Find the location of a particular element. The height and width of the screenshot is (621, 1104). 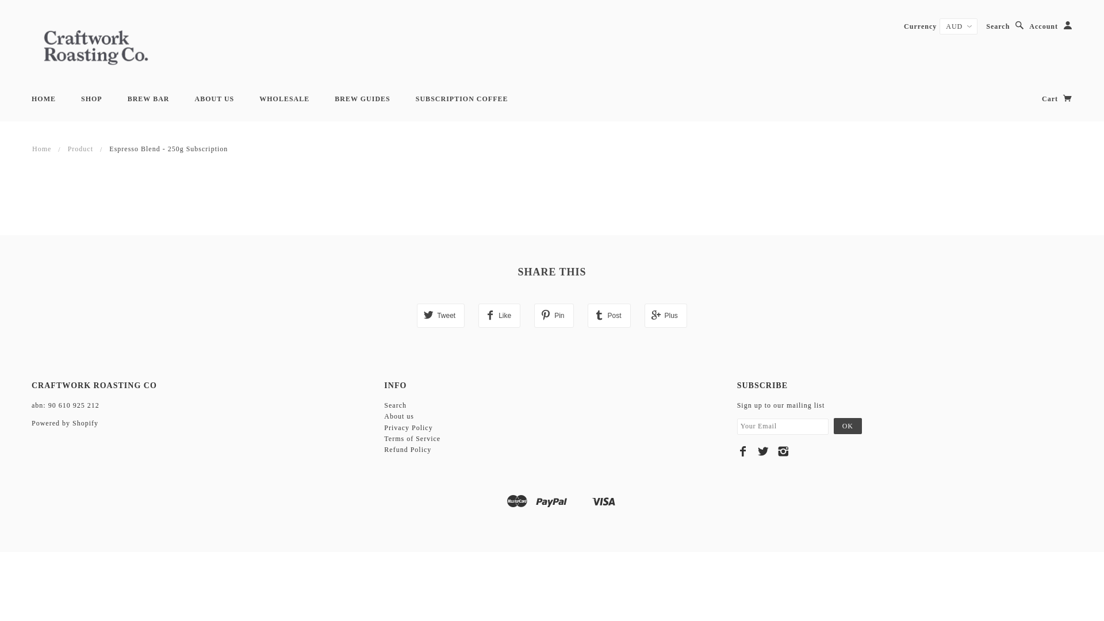

'OK' is located at coordinates (848, 425).